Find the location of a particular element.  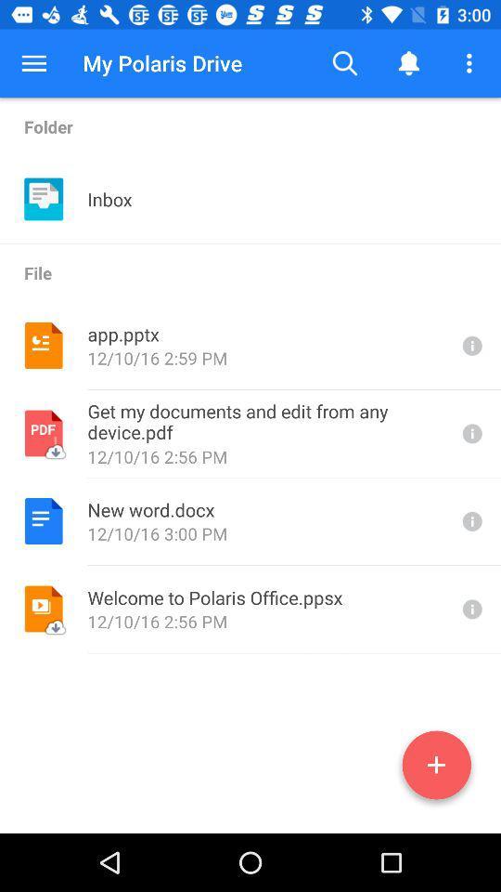

the item to the left of the my polaris drive is located at coordinates (33, 63).